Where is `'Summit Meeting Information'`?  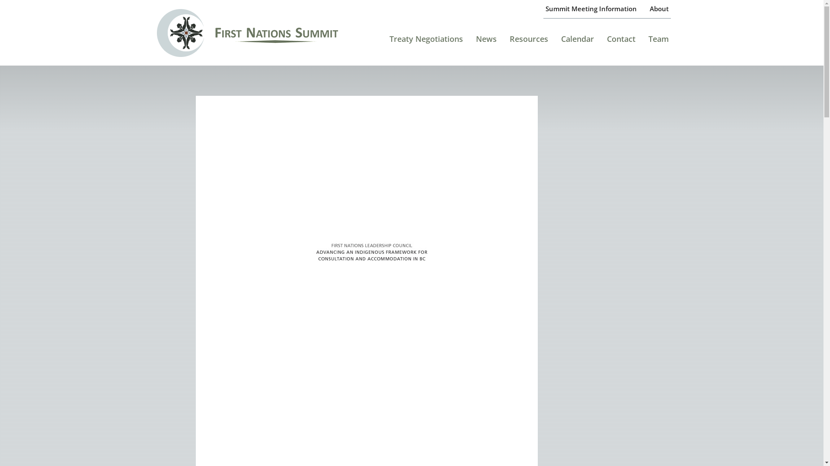
'Summit Meeting Information' is located at coordinates (543, 9).